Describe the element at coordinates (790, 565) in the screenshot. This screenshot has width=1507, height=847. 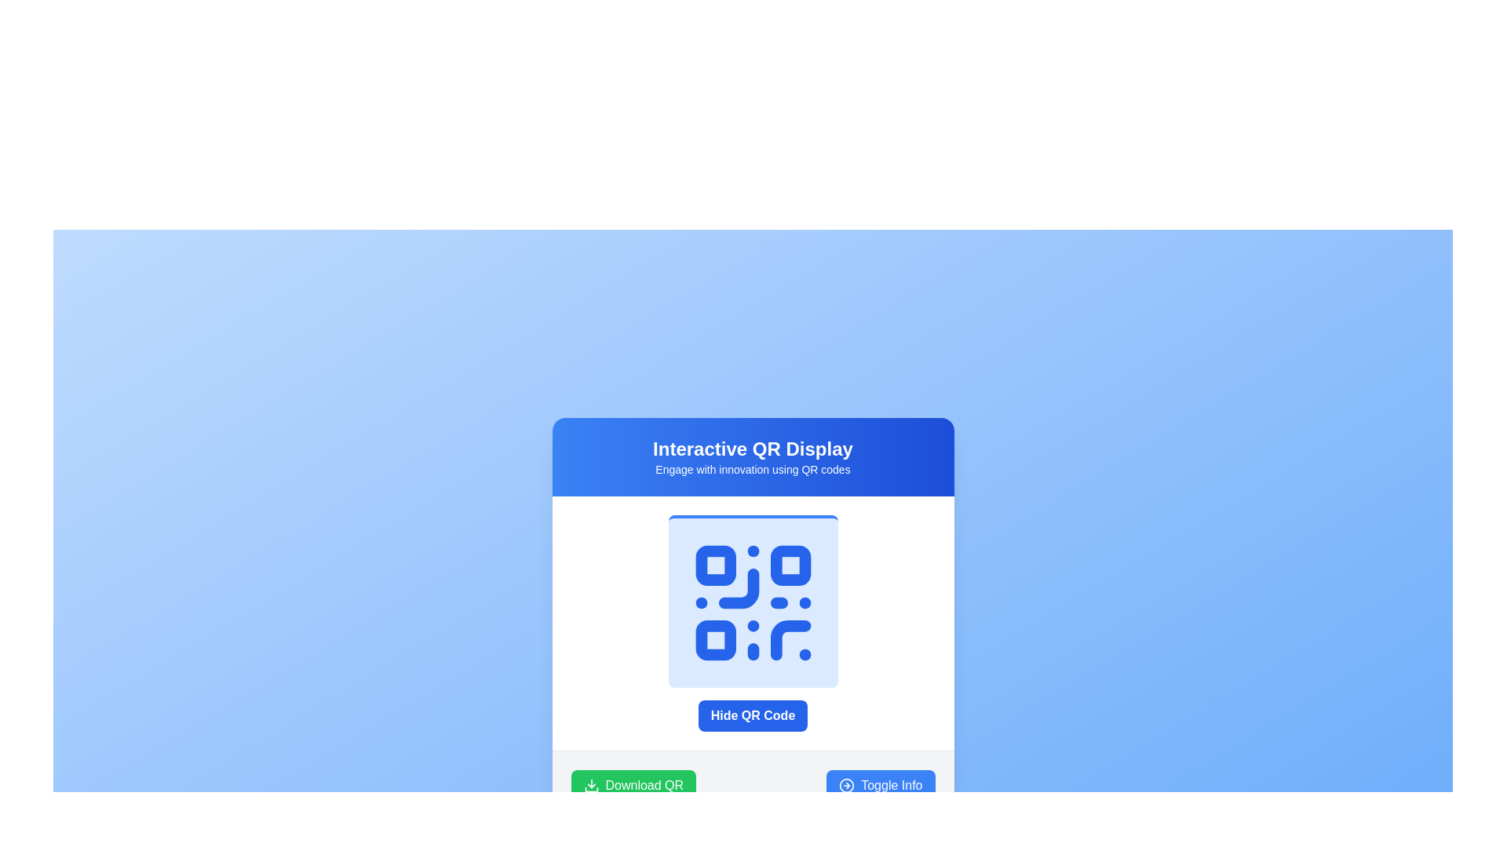
I see `the second square in the top row of the QR code design, which is a decorative graphic element contributing to its visual pattern` at that location.